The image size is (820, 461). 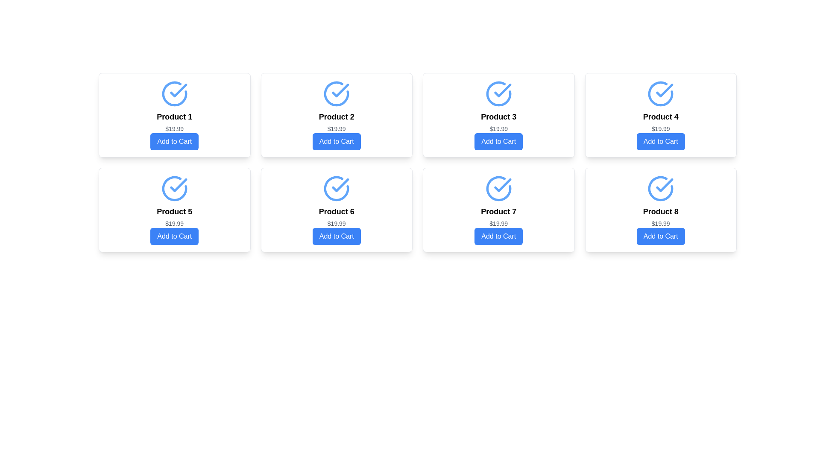 I want to click on the text label displaying the price '$19.99' located below the product title for 'Product 1' and above the 'Add to Cart' button, so click(x=174, y=128).